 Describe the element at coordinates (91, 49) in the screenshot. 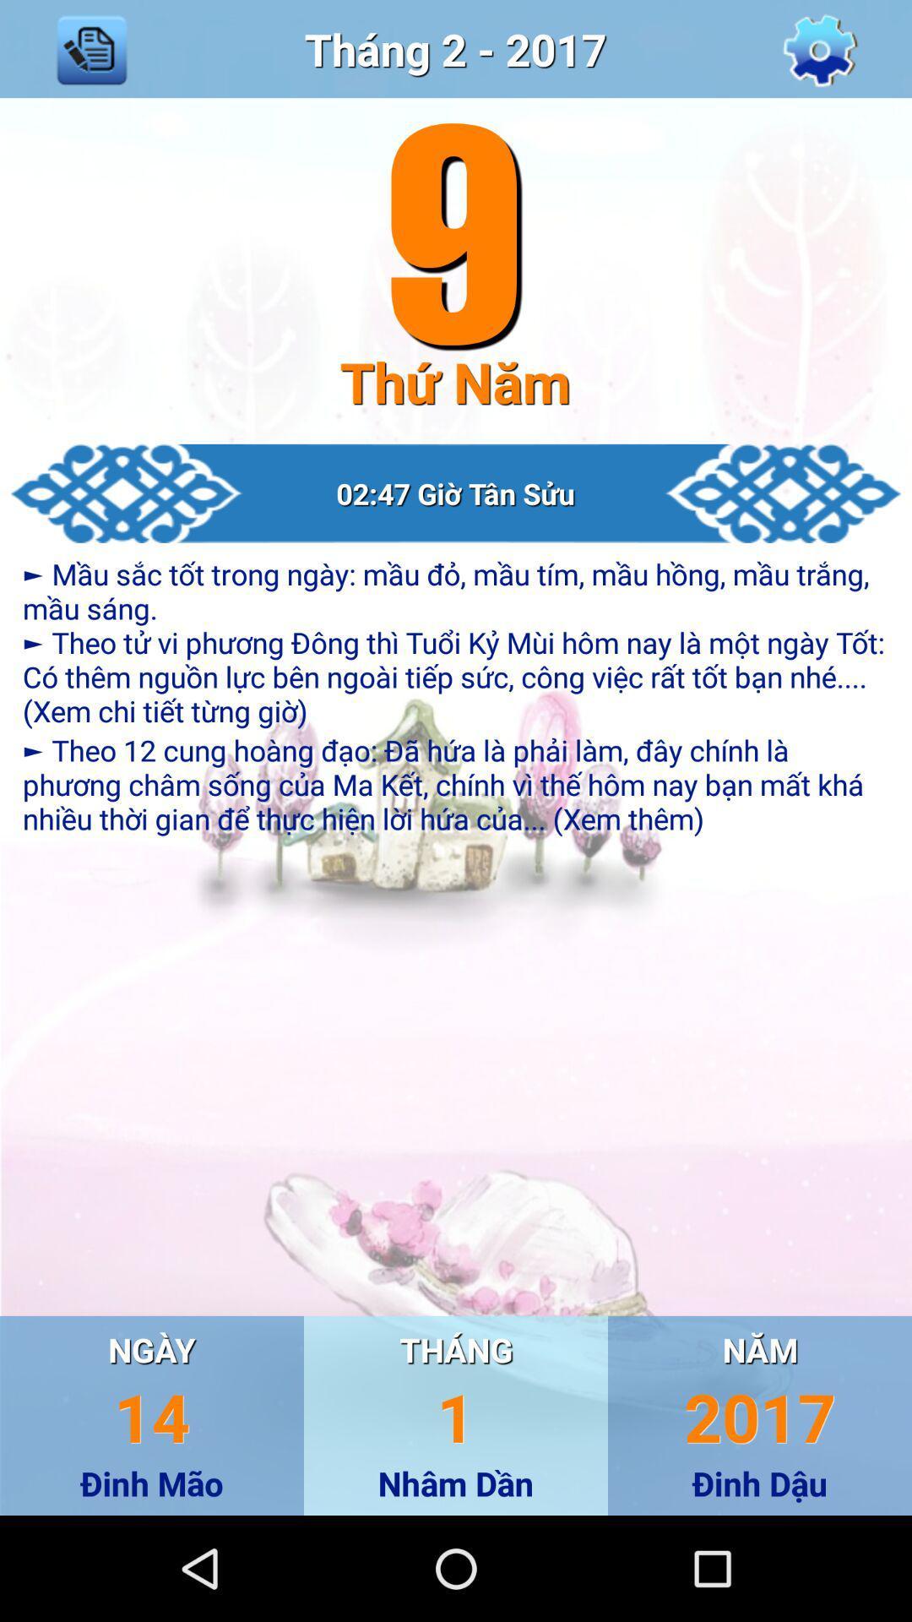

I see `the option which is left to the top left corner` at that location.